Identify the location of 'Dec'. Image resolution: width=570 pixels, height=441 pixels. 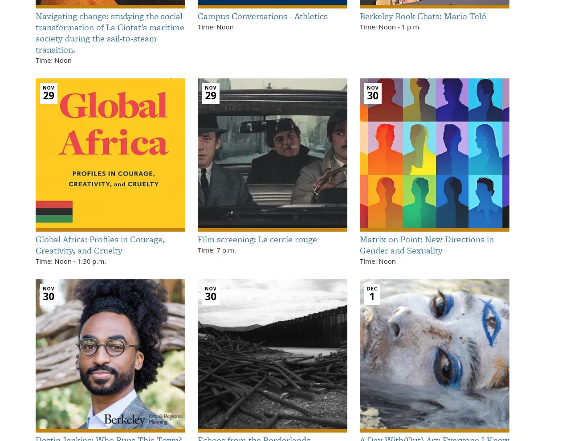
(372, 288).